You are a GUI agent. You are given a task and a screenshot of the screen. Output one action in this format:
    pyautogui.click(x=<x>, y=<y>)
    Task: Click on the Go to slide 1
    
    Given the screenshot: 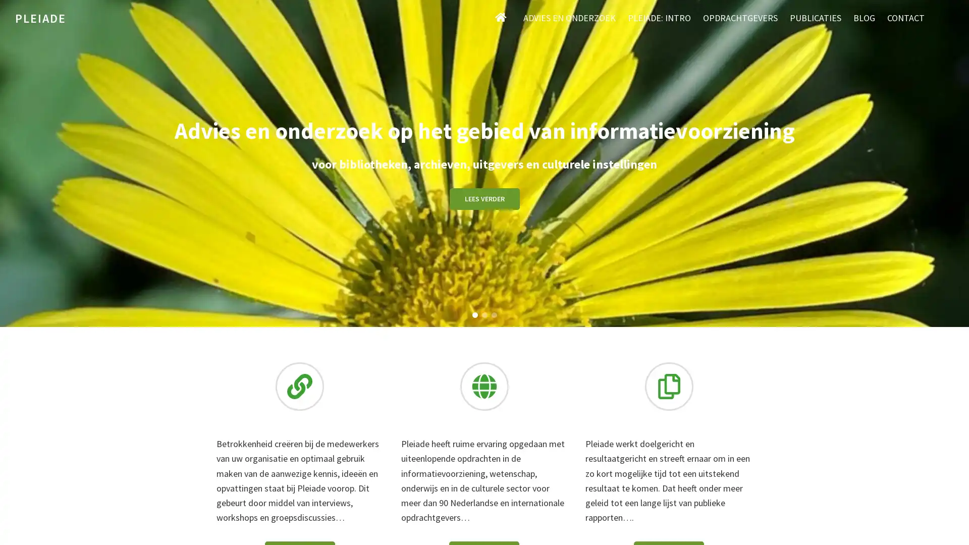 What is the action you would take?
    pyautogui.click(x=474, y=314)
    